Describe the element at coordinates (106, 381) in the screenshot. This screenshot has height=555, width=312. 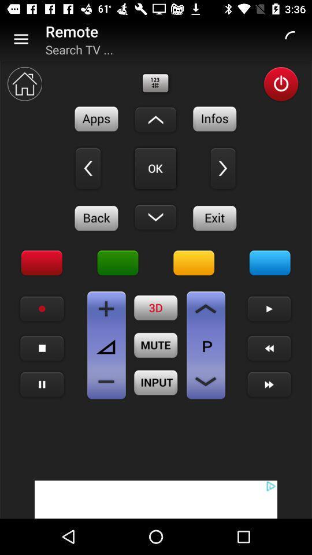
I see `decrement button` at that location.